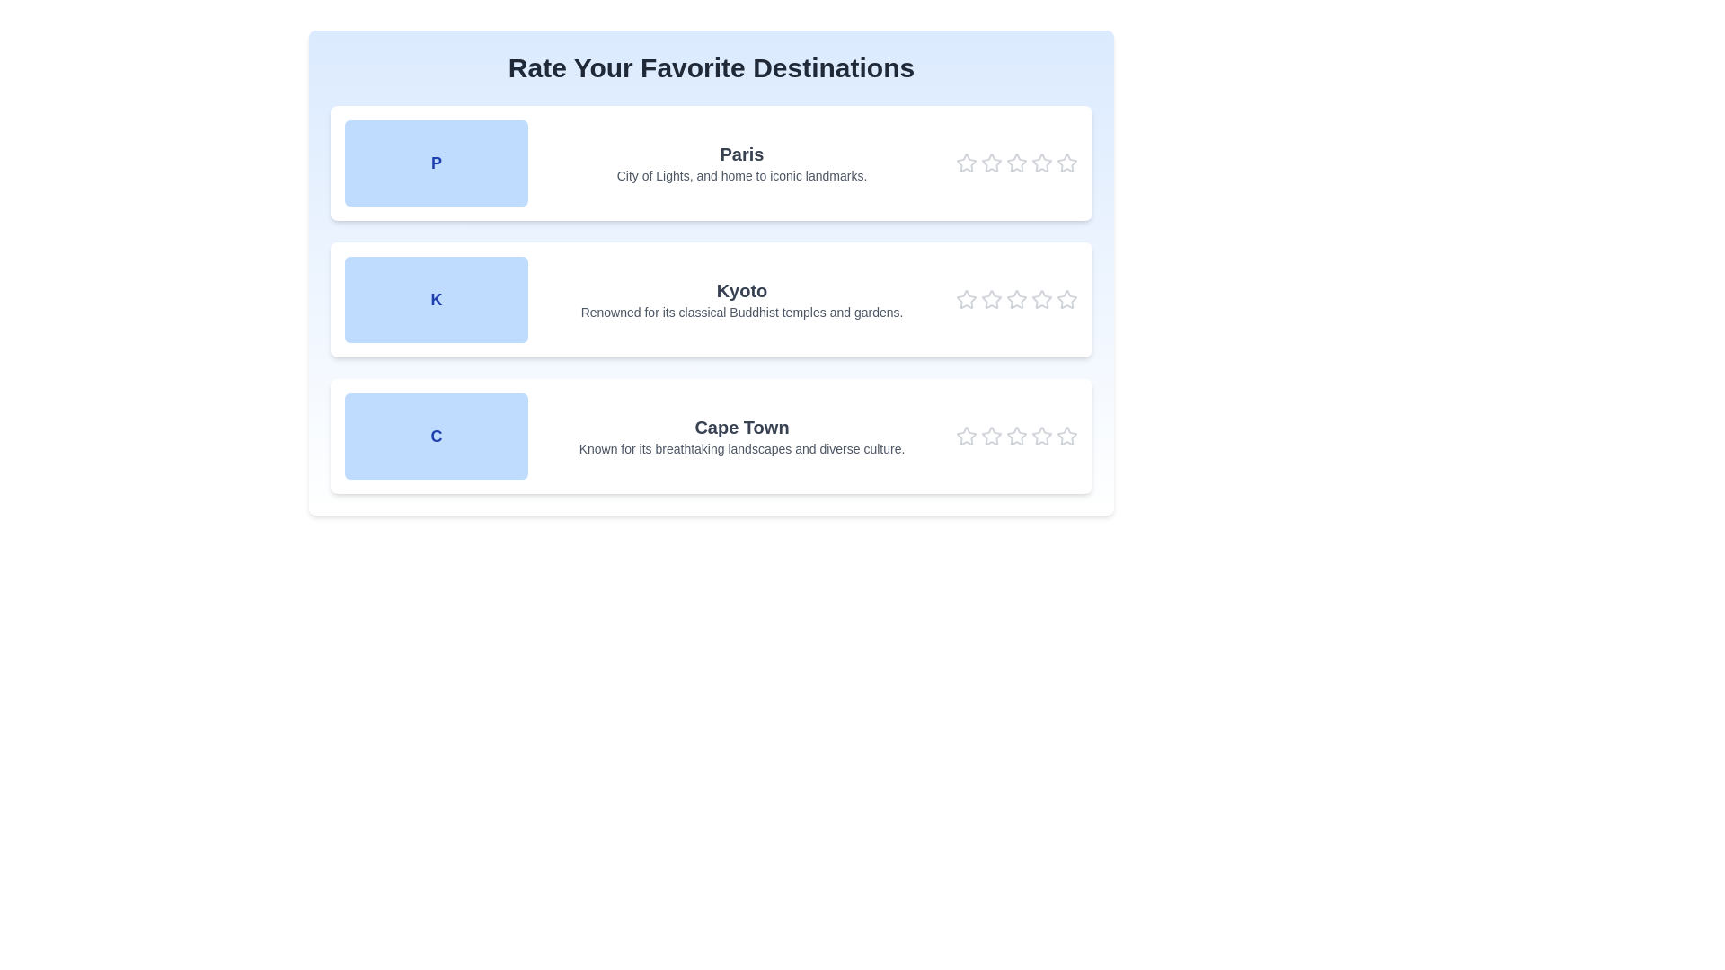 The width and height of the screenshot is (1725, 970). Describe the element at coordinates (436, 436) in the screenshot. I see `the graphical label with a blue background and a bold, uppercase 'C' character, which is positioned at the leftmost part of the card displaying information about Cape Town` at that location.